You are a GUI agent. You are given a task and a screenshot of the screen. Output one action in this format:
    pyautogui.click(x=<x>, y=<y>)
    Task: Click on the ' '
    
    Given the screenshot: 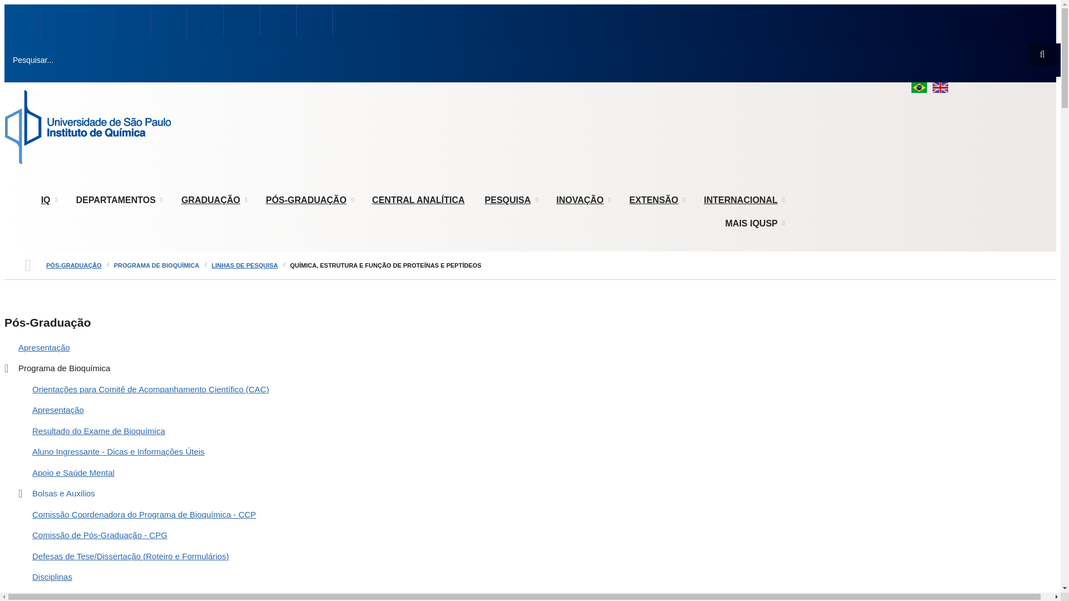 What is the action you would take?
    pyautogui.click(x=22, y=21)
    